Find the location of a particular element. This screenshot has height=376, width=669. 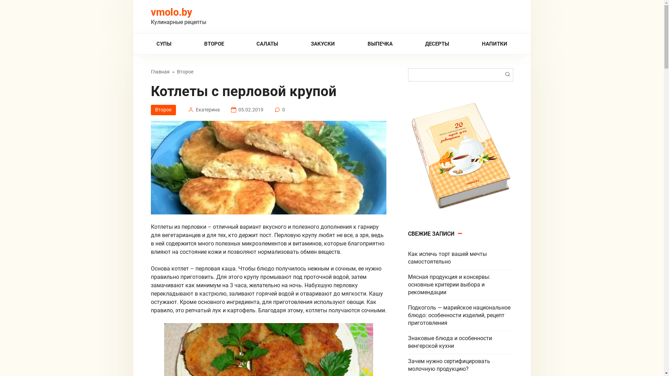

'vmolo.by' is located at coordinates (171, 12).